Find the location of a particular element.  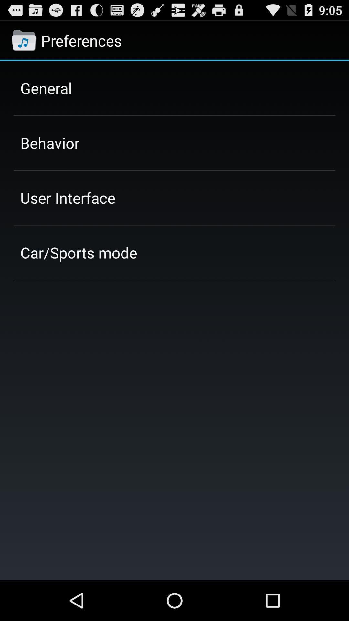

car/sports mode icon is located at coordinates (78, 252).